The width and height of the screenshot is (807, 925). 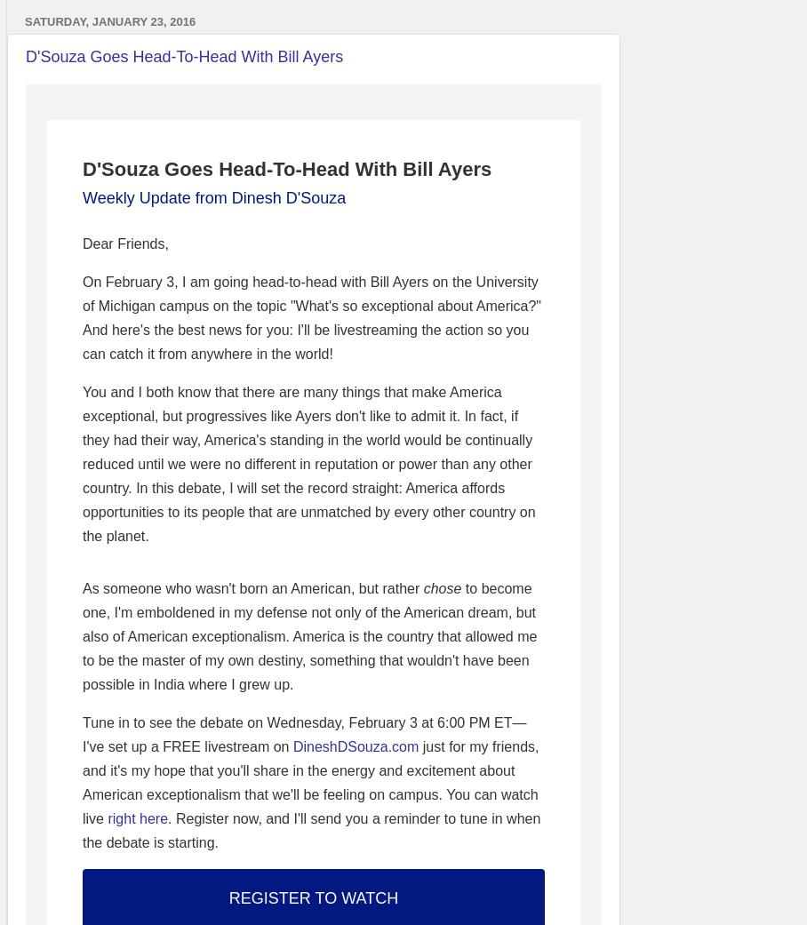 I want to click on 'REGISTER TO WATCH', so click(x=227, y=898).